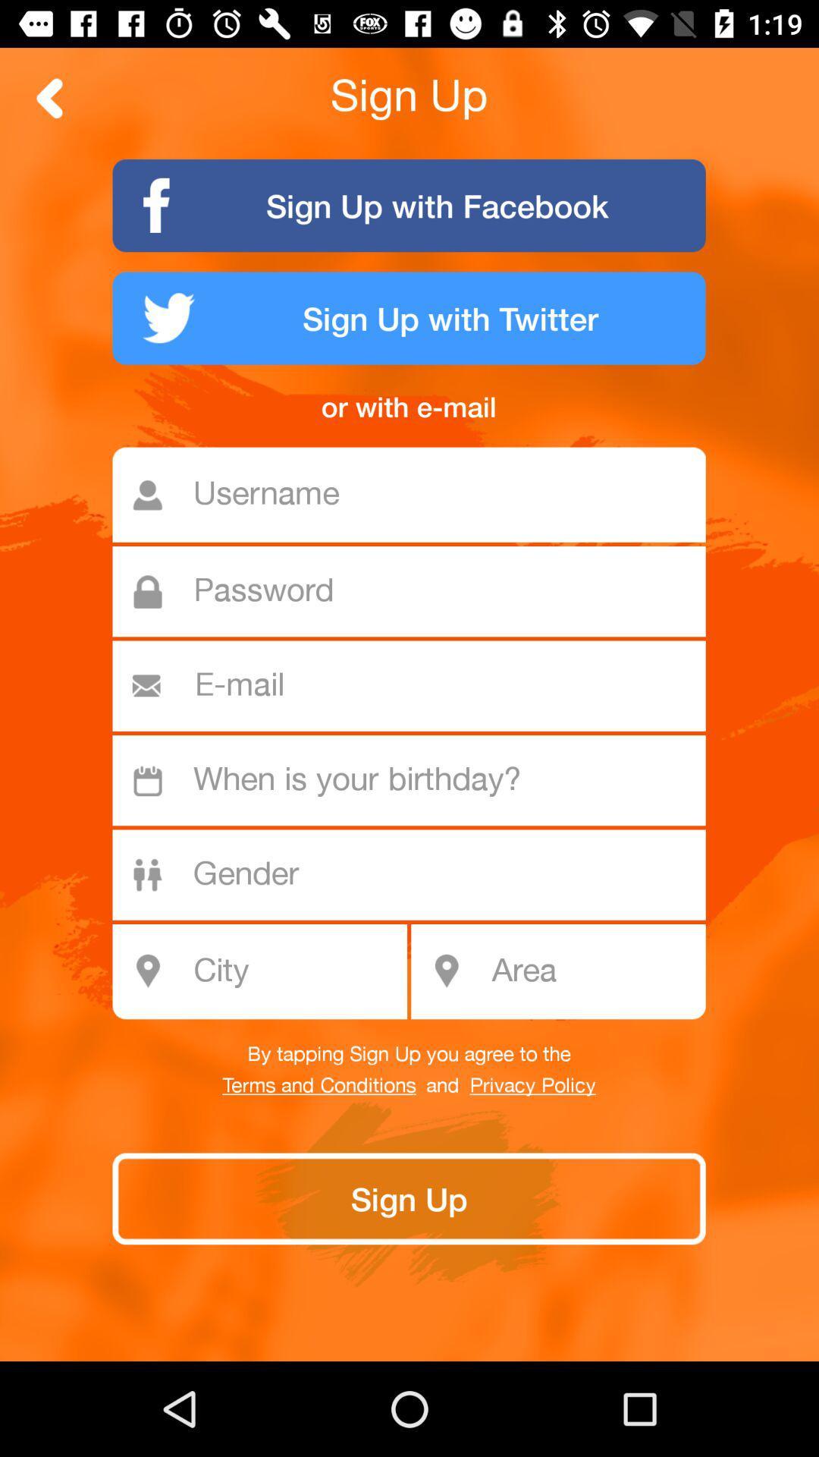  What do you see at coordinates (417, 780) in the screenshot?
I see `fill in the birth day option` at bounding box center [417, 780].